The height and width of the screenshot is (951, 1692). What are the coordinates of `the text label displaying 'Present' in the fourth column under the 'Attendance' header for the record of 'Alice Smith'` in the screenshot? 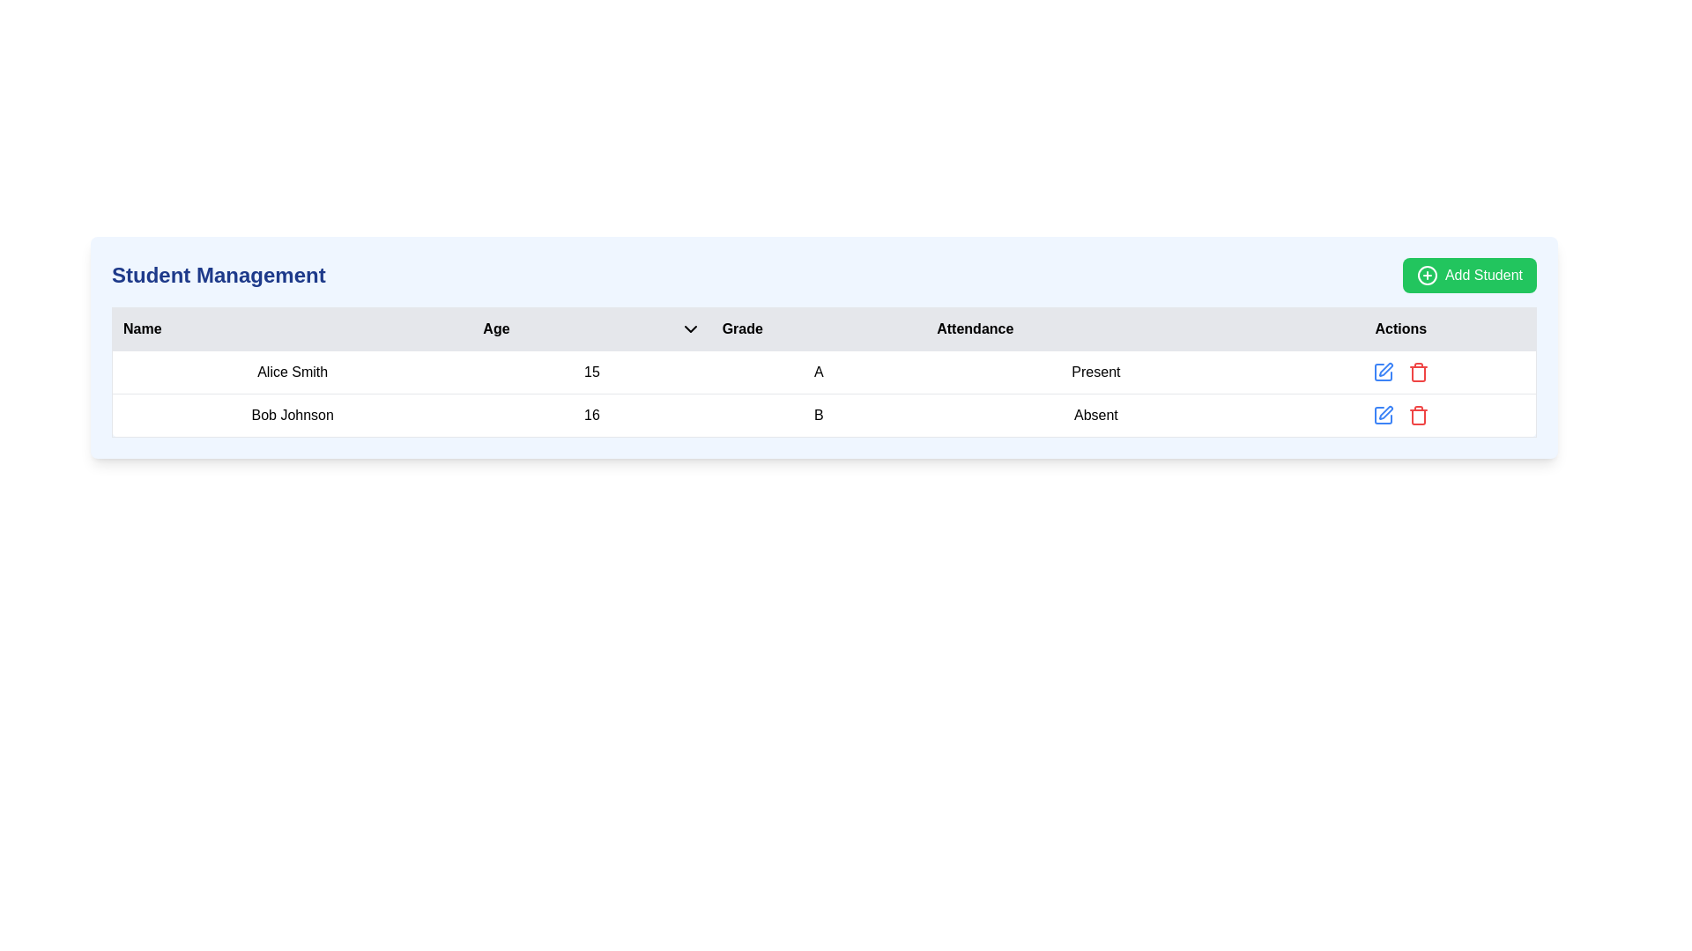 It's located at (1095, 372).